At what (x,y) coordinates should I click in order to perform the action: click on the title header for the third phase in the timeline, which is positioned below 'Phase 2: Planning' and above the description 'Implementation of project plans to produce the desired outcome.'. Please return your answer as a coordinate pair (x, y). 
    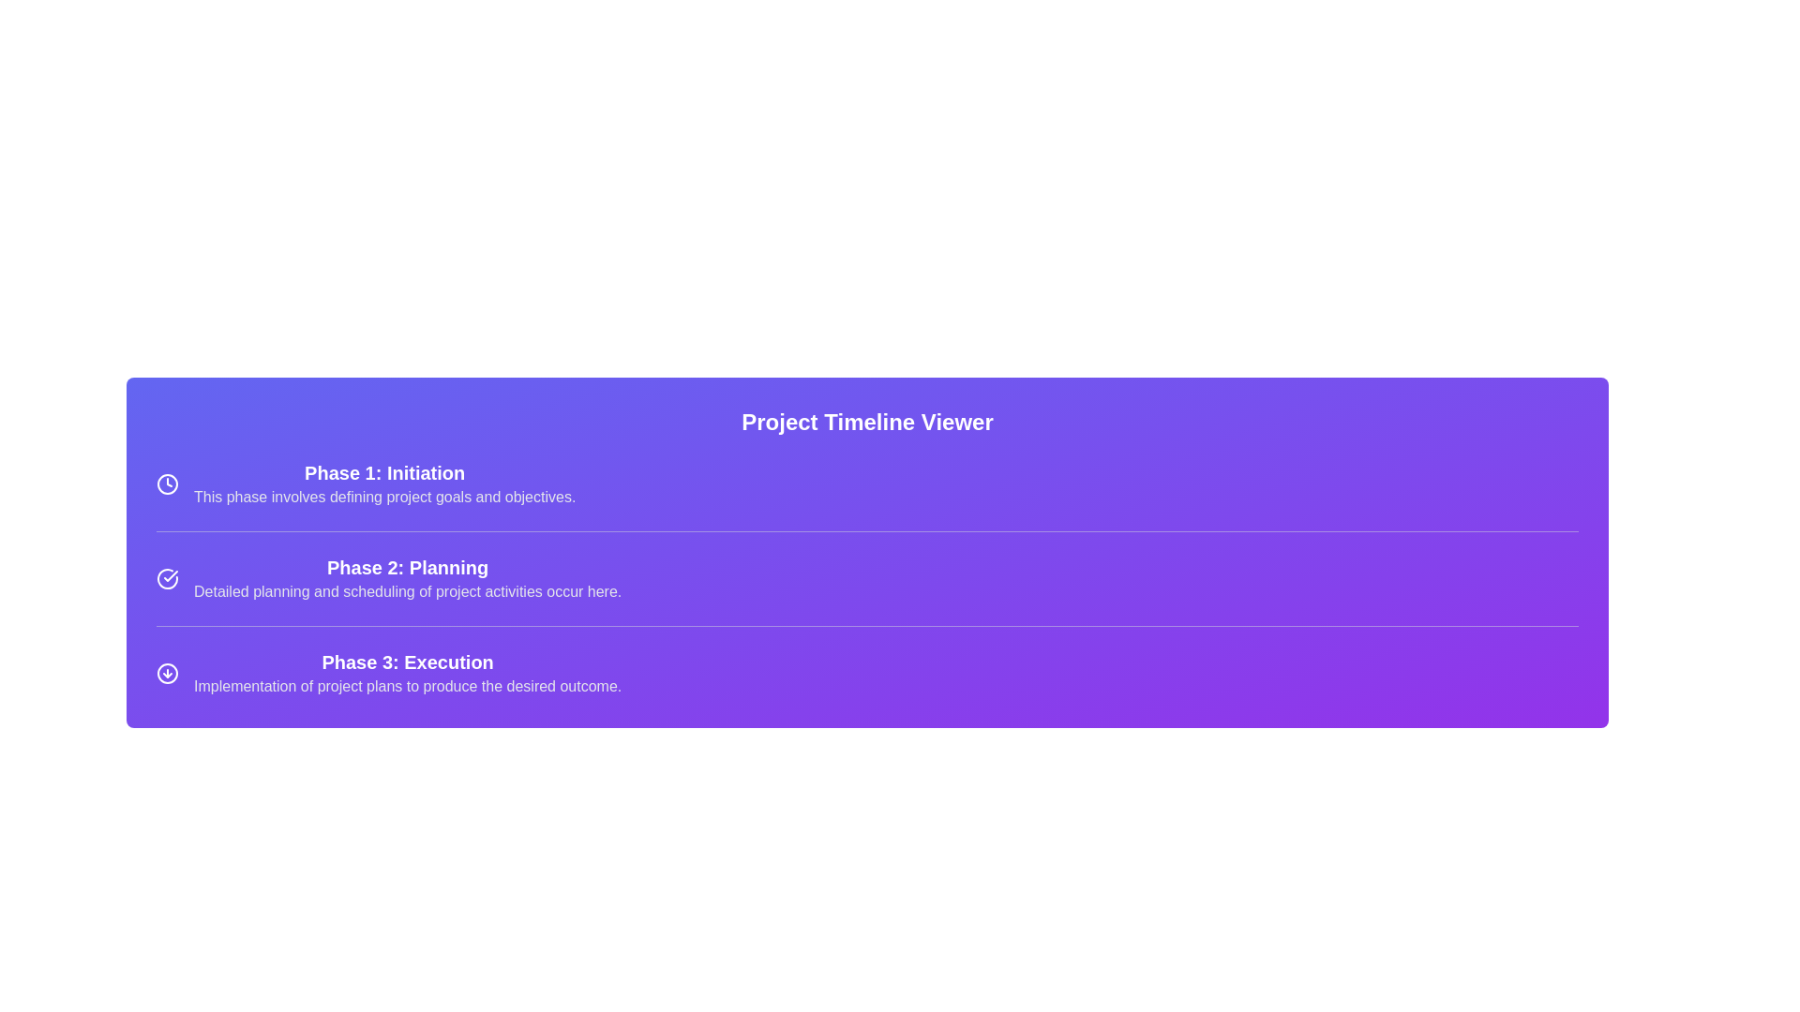
    Looking at the image, I should click on (407, 661).